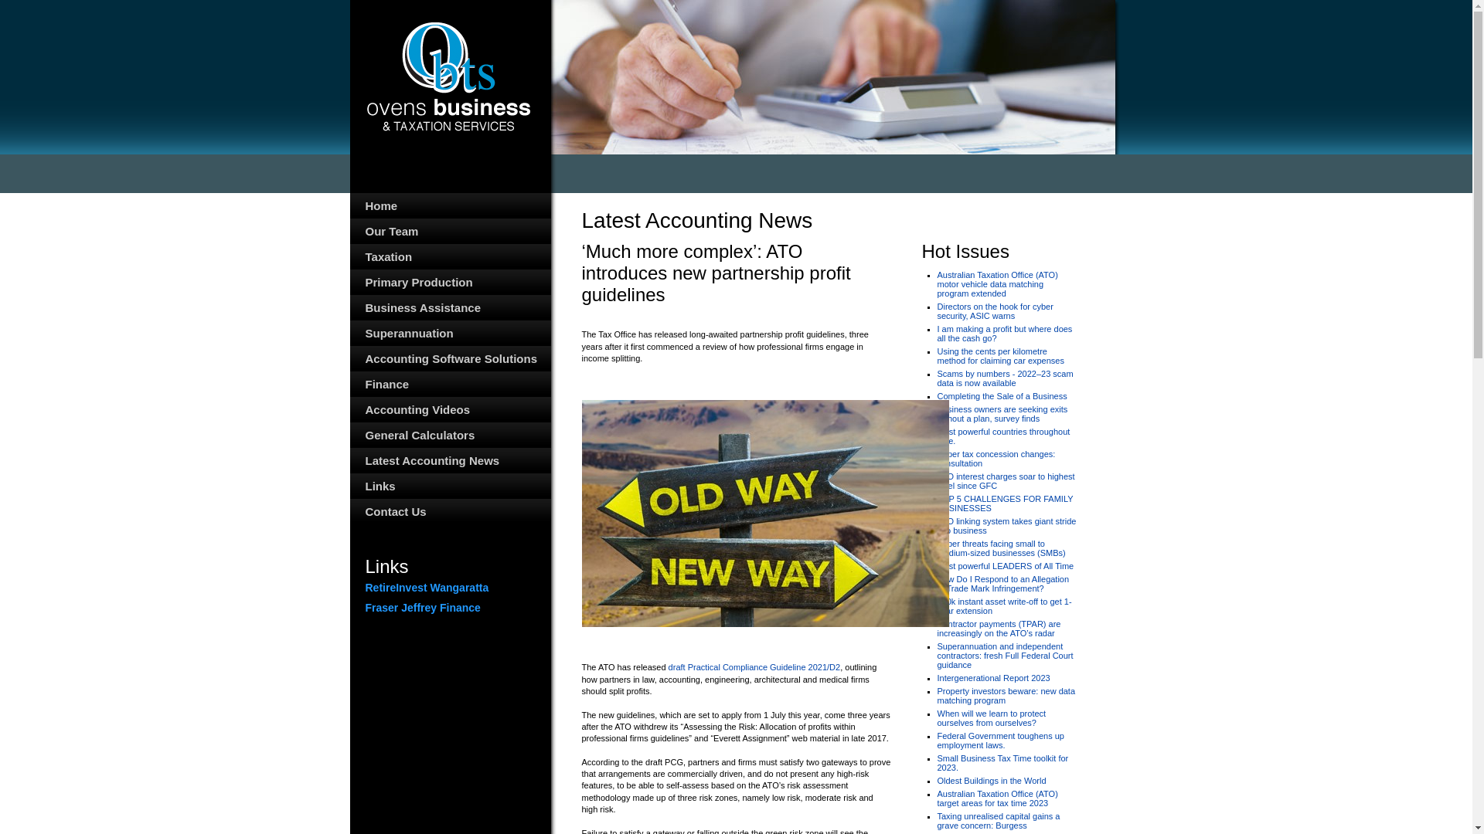  What do you see at coordinates (448, 485) in the screenshot?
I see `'Links'` at bounding box center [448, 485].